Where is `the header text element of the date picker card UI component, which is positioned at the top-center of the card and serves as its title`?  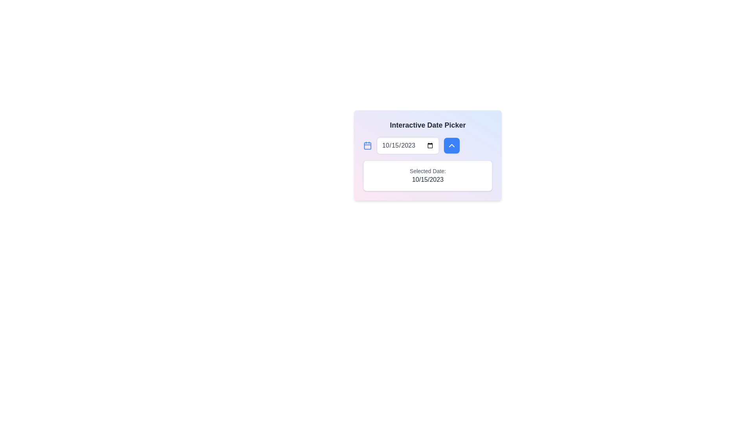
the header text element of the date picker card UI component, which is positioned at the top-center of the card and serves as its title is located at coordinates (427, 125).